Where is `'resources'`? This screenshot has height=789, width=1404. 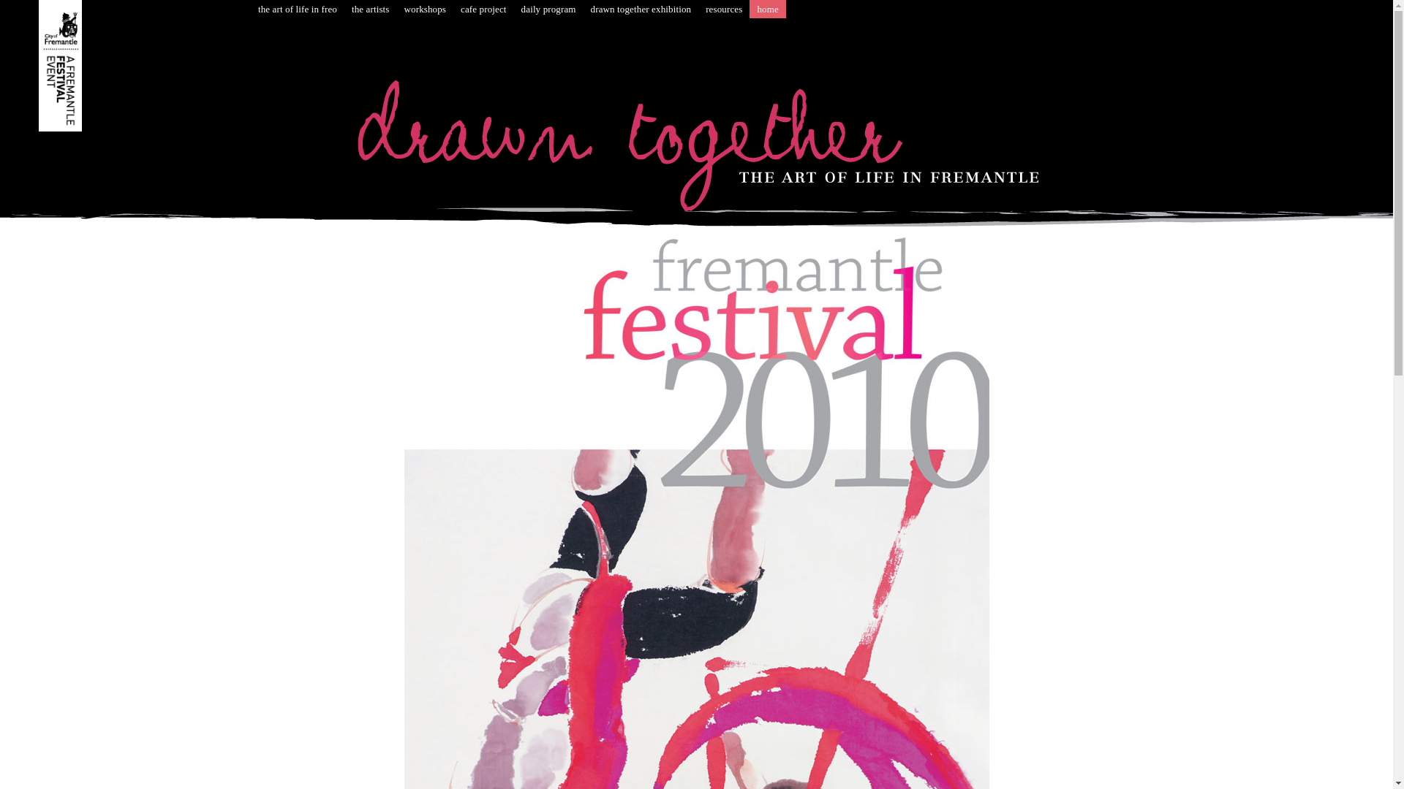 'resources' is located at coordinates (698, 9).